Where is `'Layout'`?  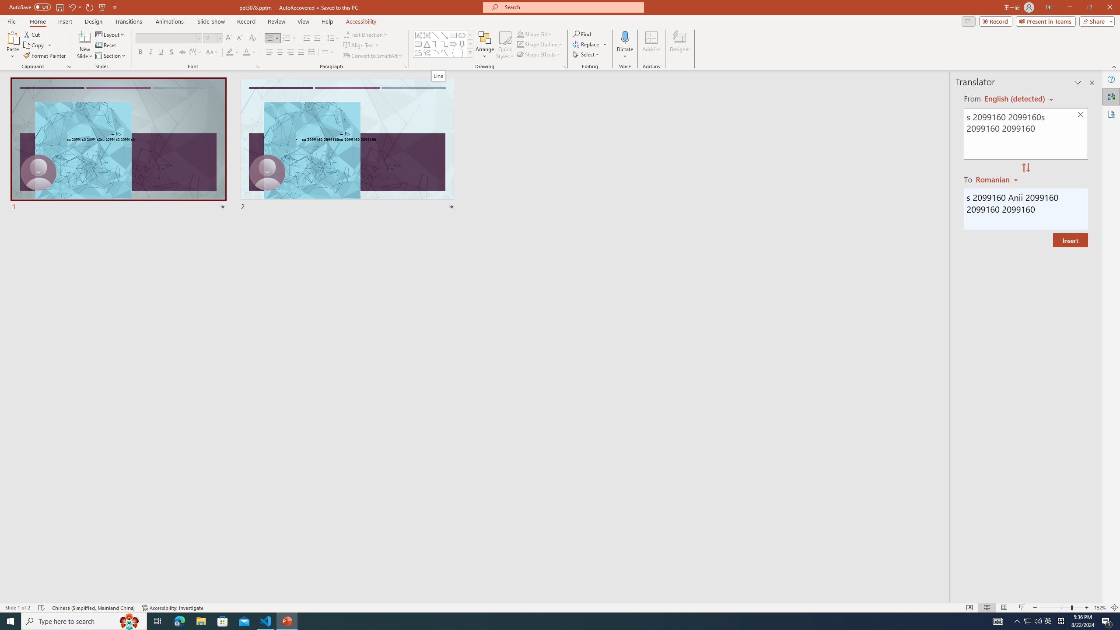 'Layout' is located at coordinates (110, 34).